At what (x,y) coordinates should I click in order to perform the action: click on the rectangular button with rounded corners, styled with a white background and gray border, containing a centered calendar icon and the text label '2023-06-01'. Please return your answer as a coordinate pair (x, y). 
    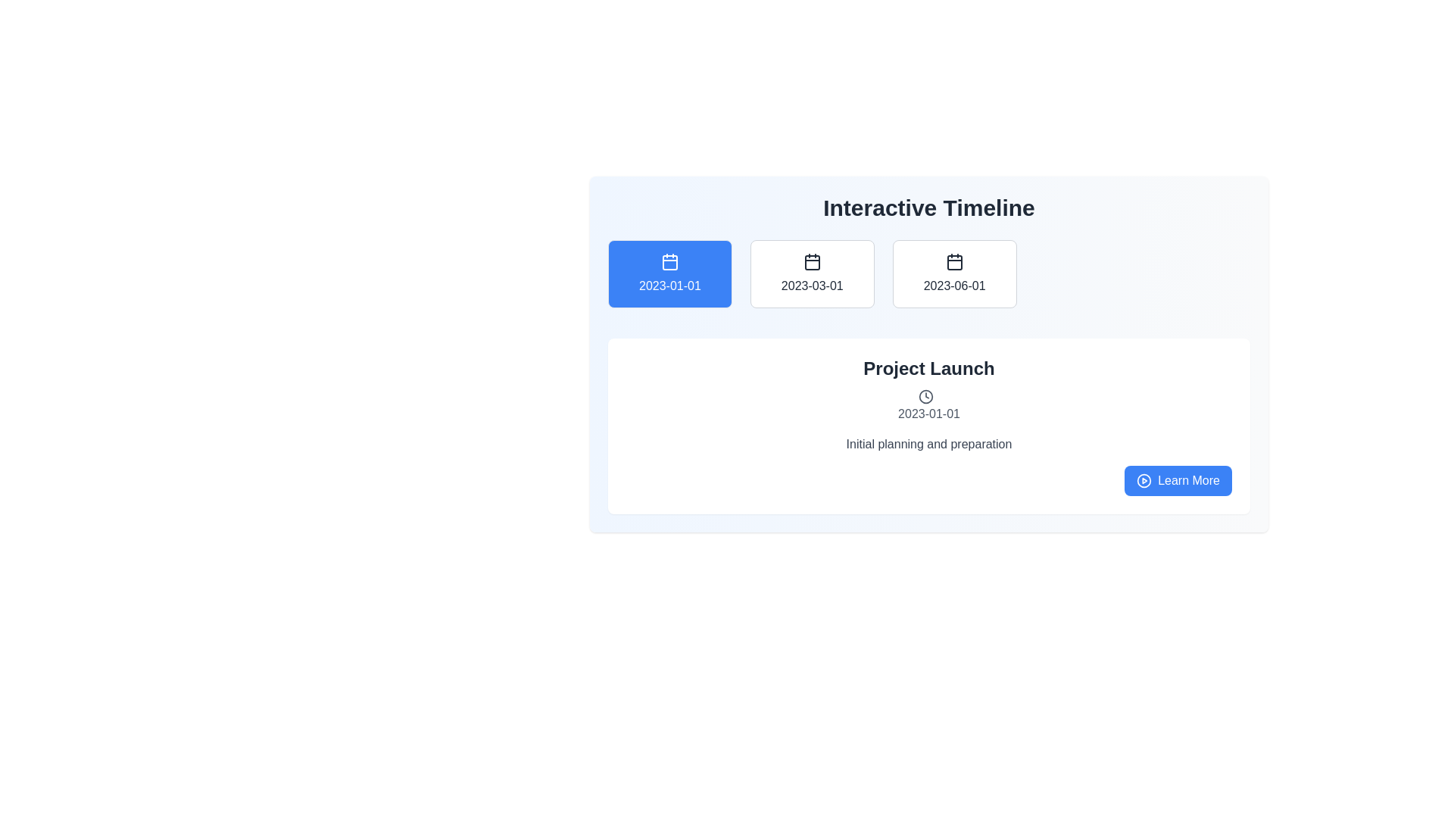
    Looking at the image, I should click on (953, 274).